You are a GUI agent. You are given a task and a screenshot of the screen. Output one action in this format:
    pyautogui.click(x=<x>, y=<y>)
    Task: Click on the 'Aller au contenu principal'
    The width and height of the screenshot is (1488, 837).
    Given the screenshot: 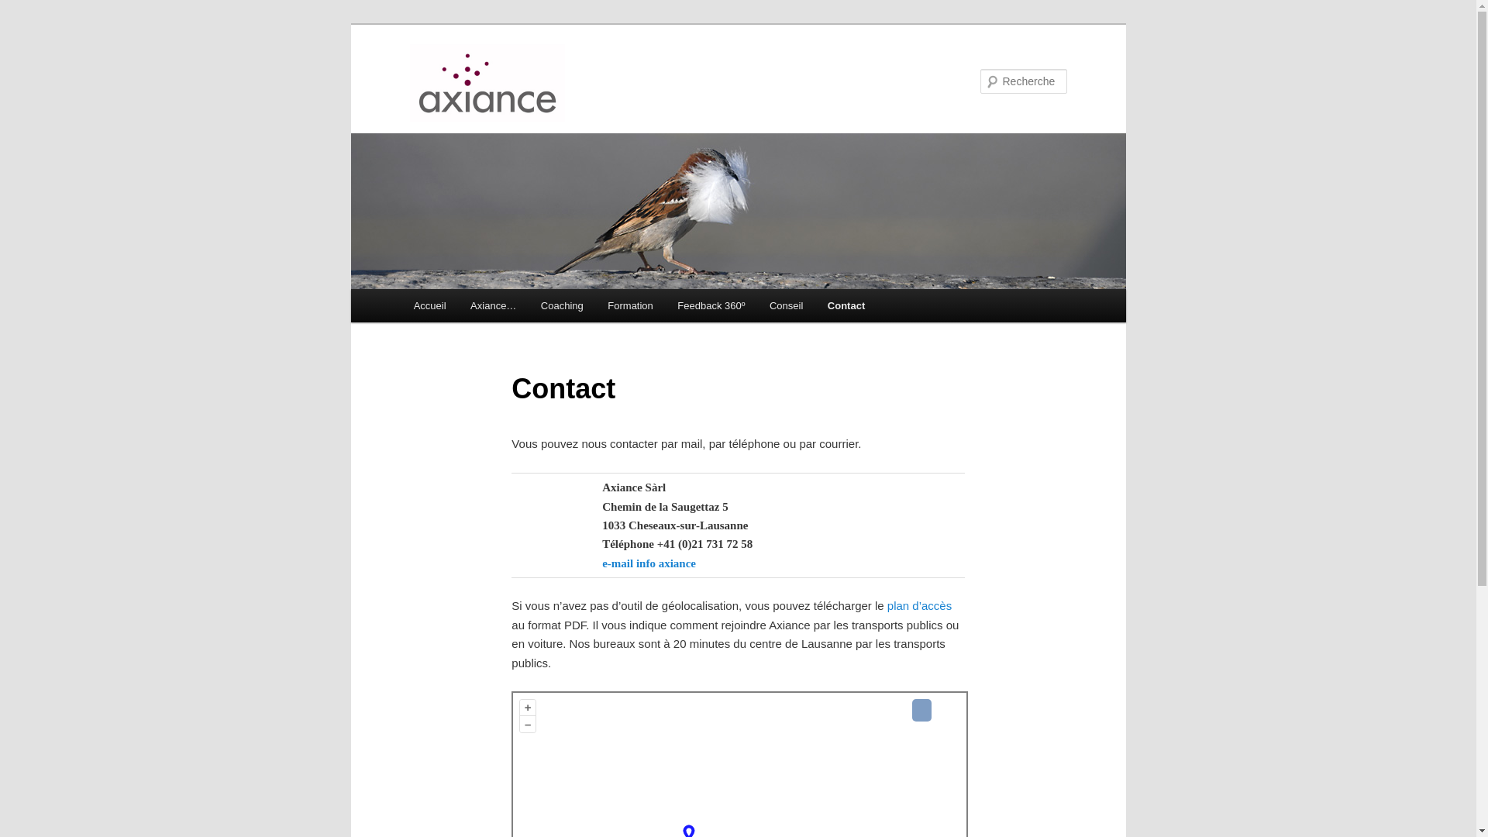 What is the action you would take?
    pyautogui.click(x=423, y=289)
    